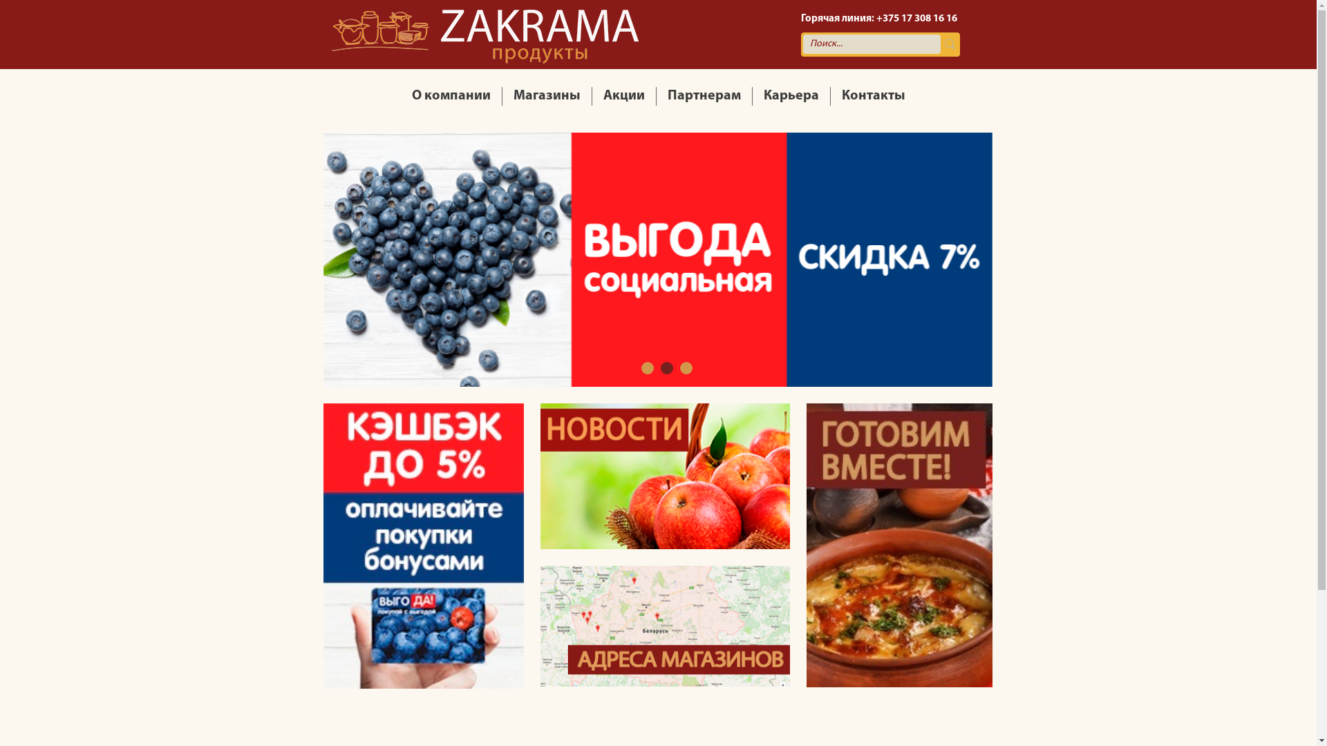 The height and width of the screenshot is (746, 1327). What do you see at coordinates (679, 367) in the screenshot?
I see `'3'` at bounding box center [679, 367].